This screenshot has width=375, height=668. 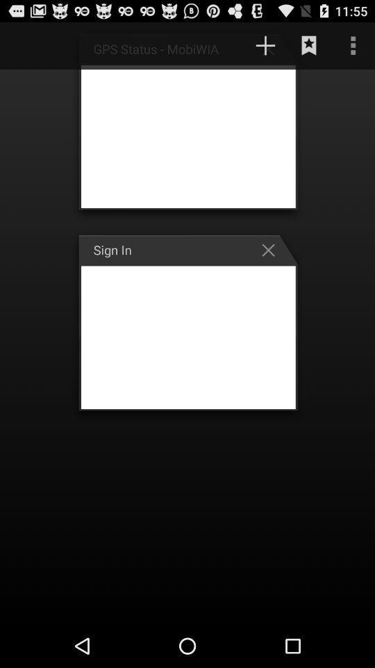 What do you see at coordinates (272, 52) in the screenshot?
I see `the add icon` at bounding box center [272, 52].